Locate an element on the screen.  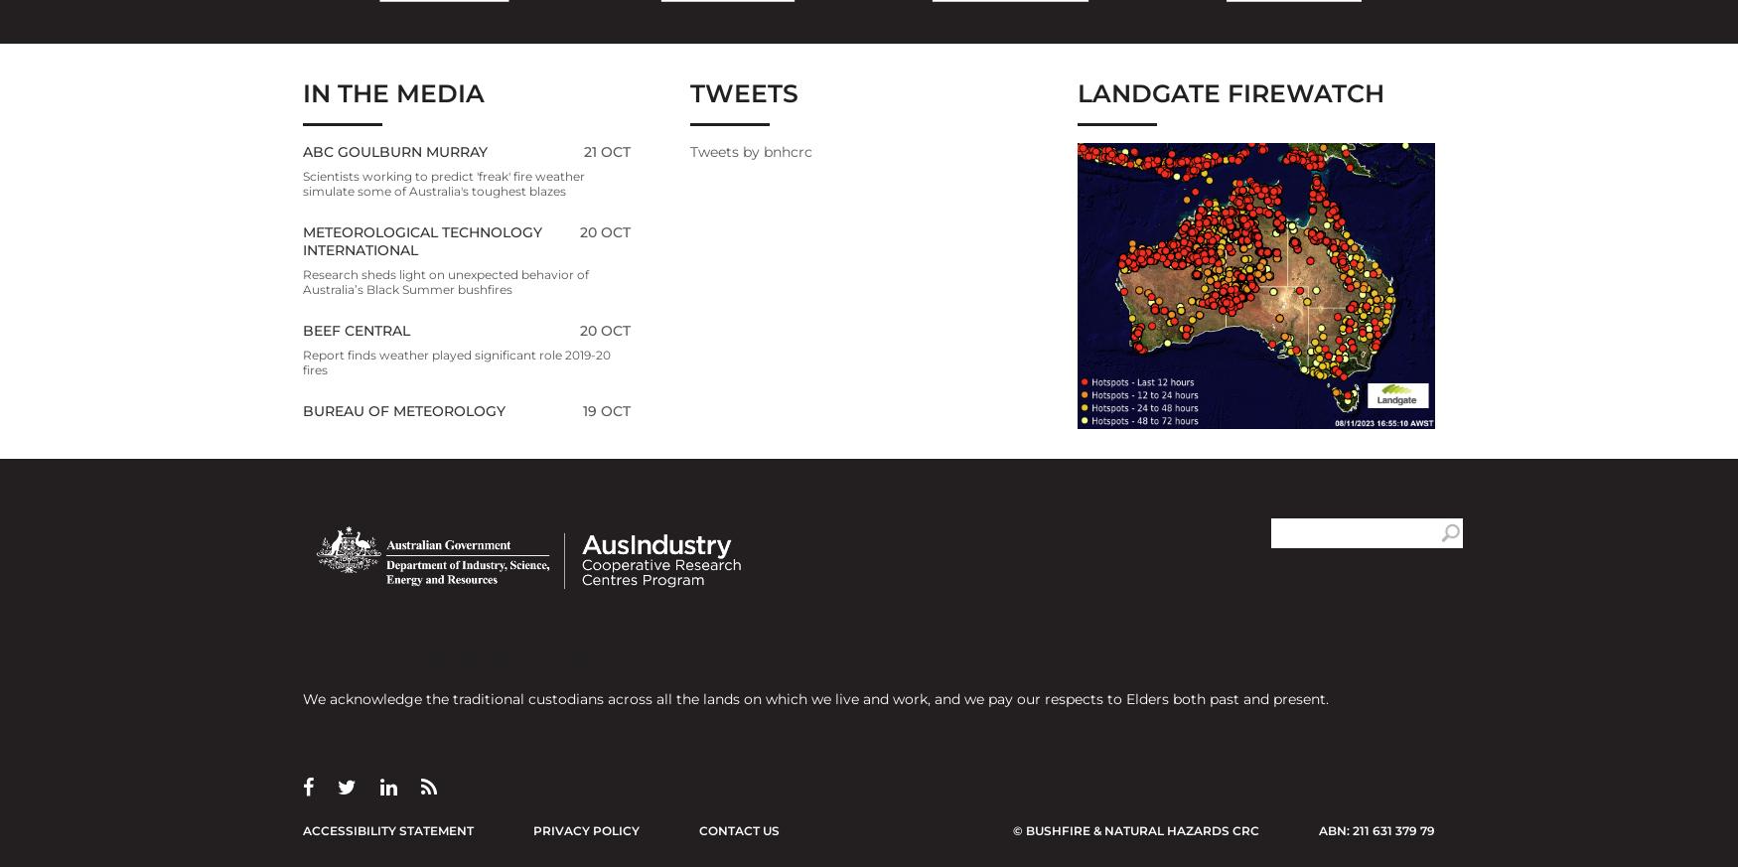
'ABC Goulburn Murray' is located at coordinates (393, 150).